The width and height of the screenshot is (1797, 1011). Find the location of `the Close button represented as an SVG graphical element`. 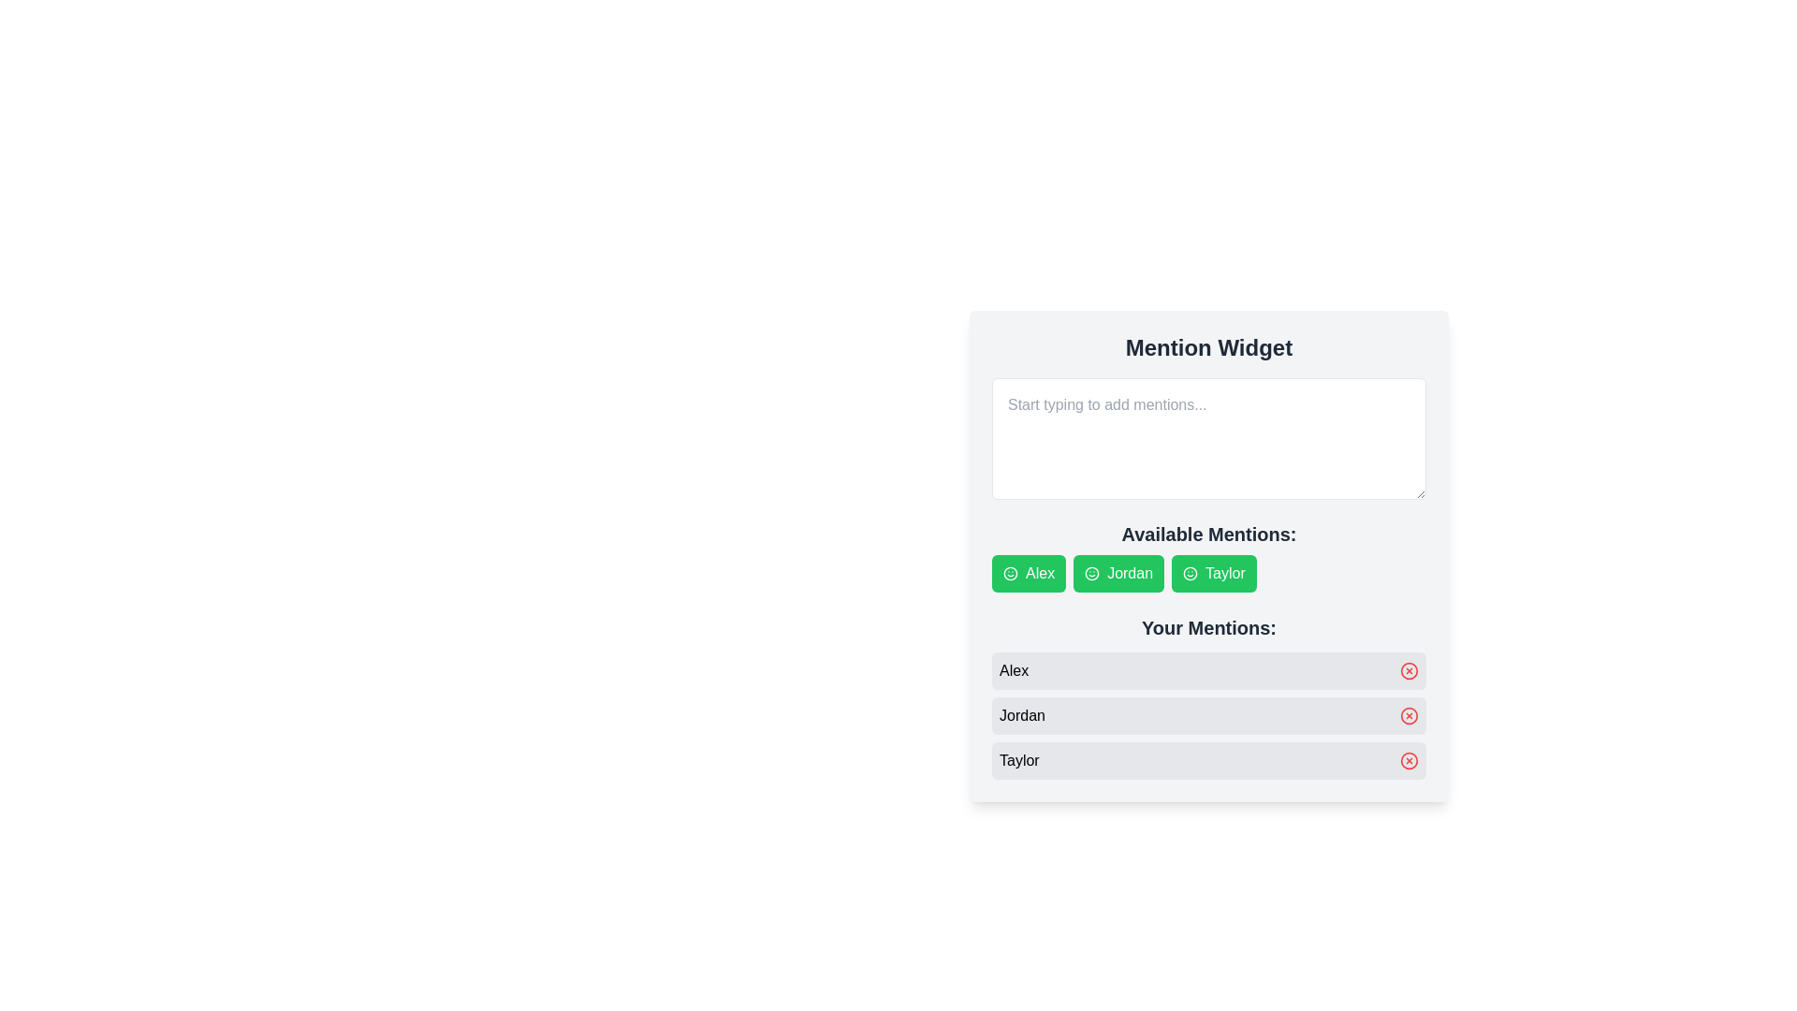

the Close button represented as an SVG graphical element is located at coordinates (1410, 670).